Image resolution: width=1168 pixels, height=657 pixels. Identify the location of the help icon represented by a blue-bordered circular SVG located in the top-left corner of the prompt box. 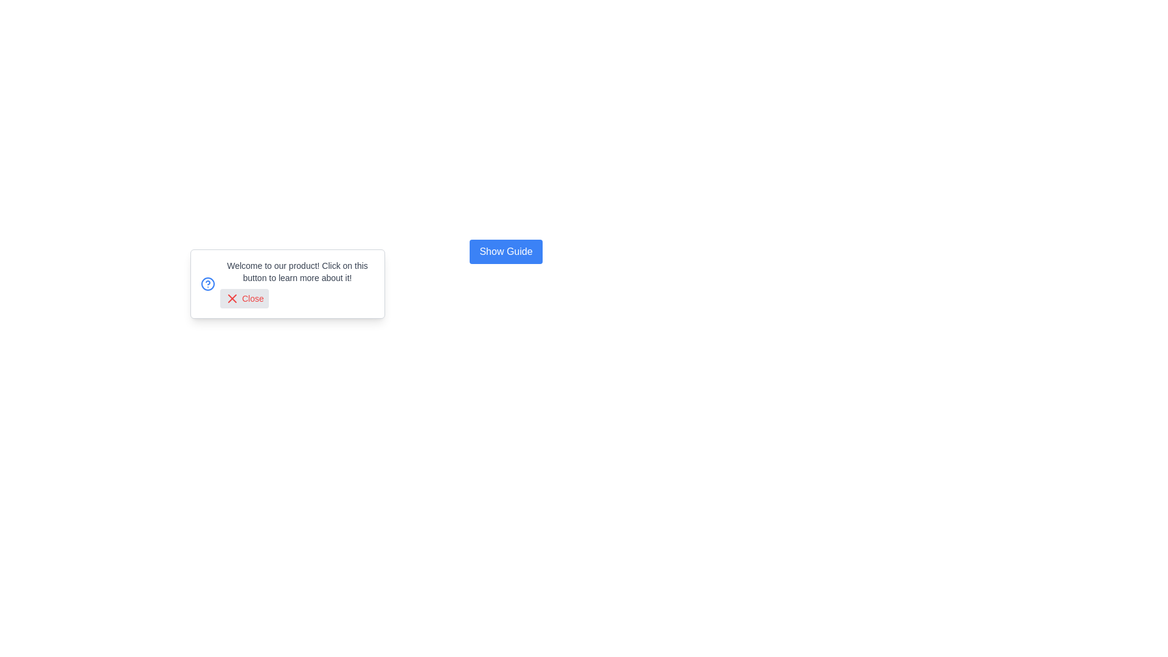
(207, 283).